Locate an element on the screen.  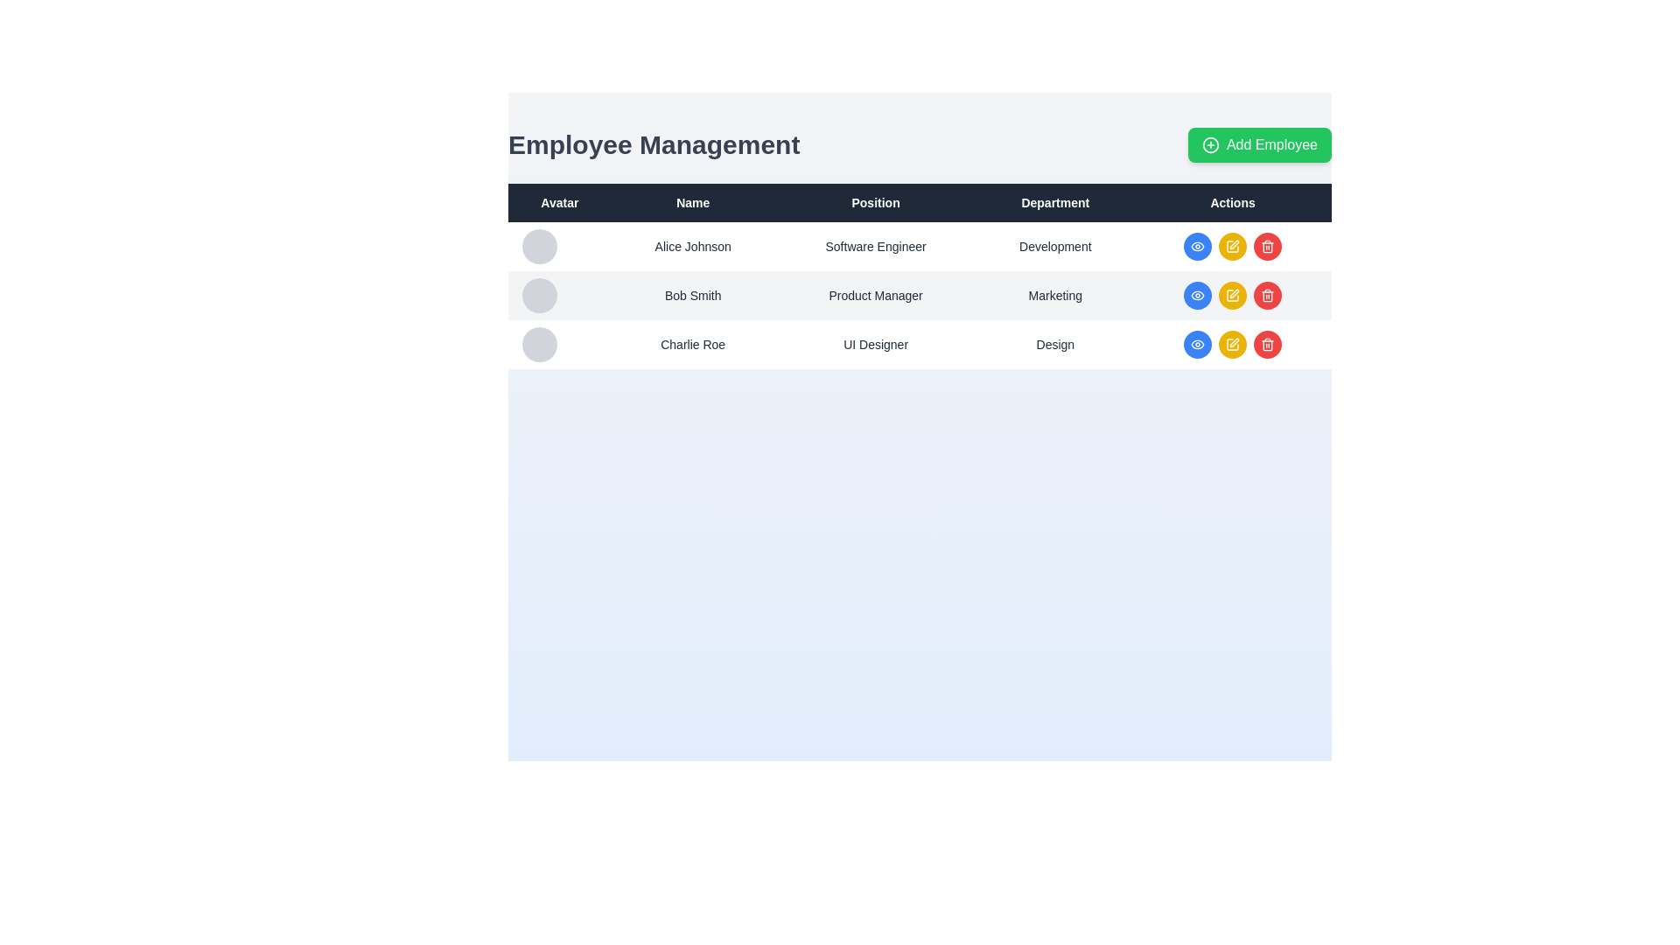
the edit icon button located in the Actions column of the second row corresponding to 'Bob Smith' is located at coordinates (1232, 246).